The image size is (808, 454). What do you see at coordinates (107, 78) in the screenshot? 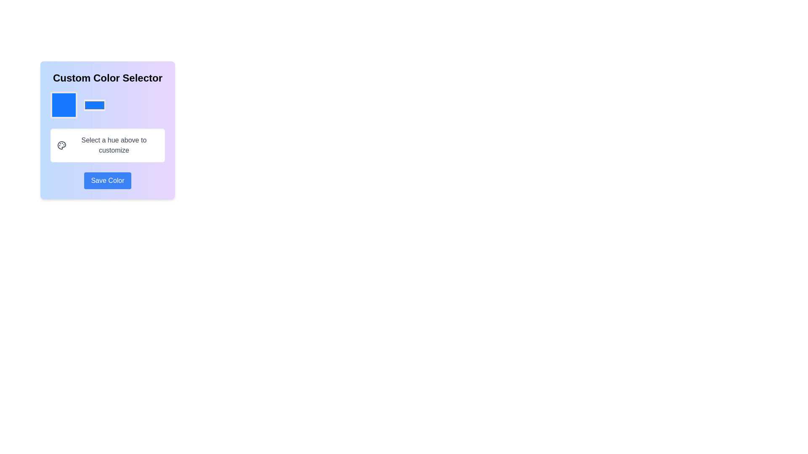
I see `the bold text labeled 'Custom Color Selector' which is prominently displayed at the top of a card with a gradient background` at bounding box center [107, 78].